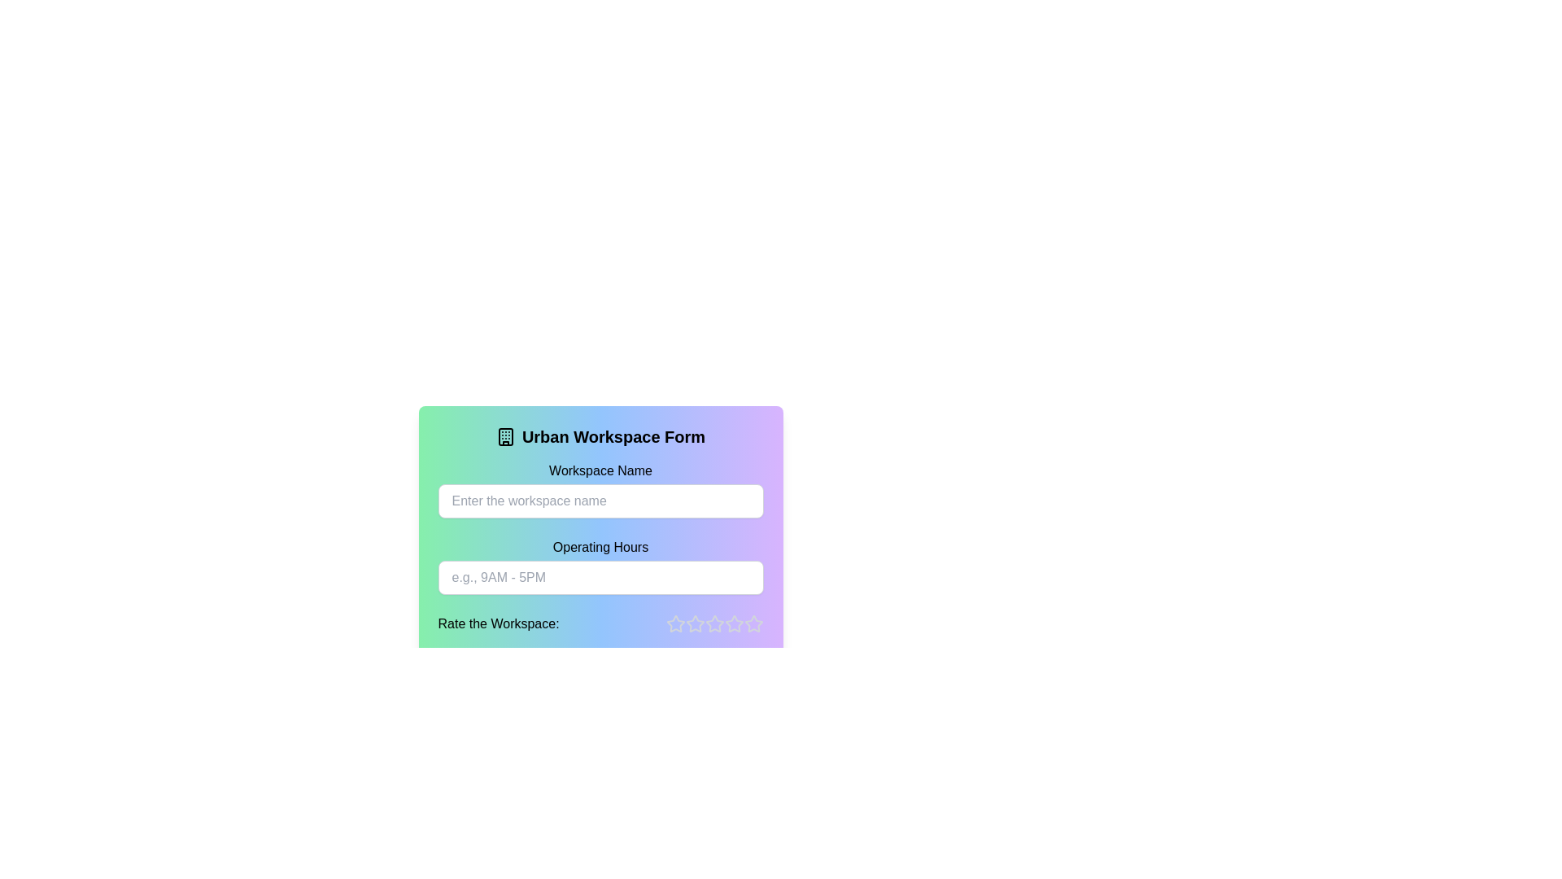 Image resolution: width=1562 pixels, height=879 pixels. Describe the element at coordinates (498, 623) in the screenshot. I see `the informational text element prompting users to rate the workspace, positioned on the left side next to the star rating component` at that location.